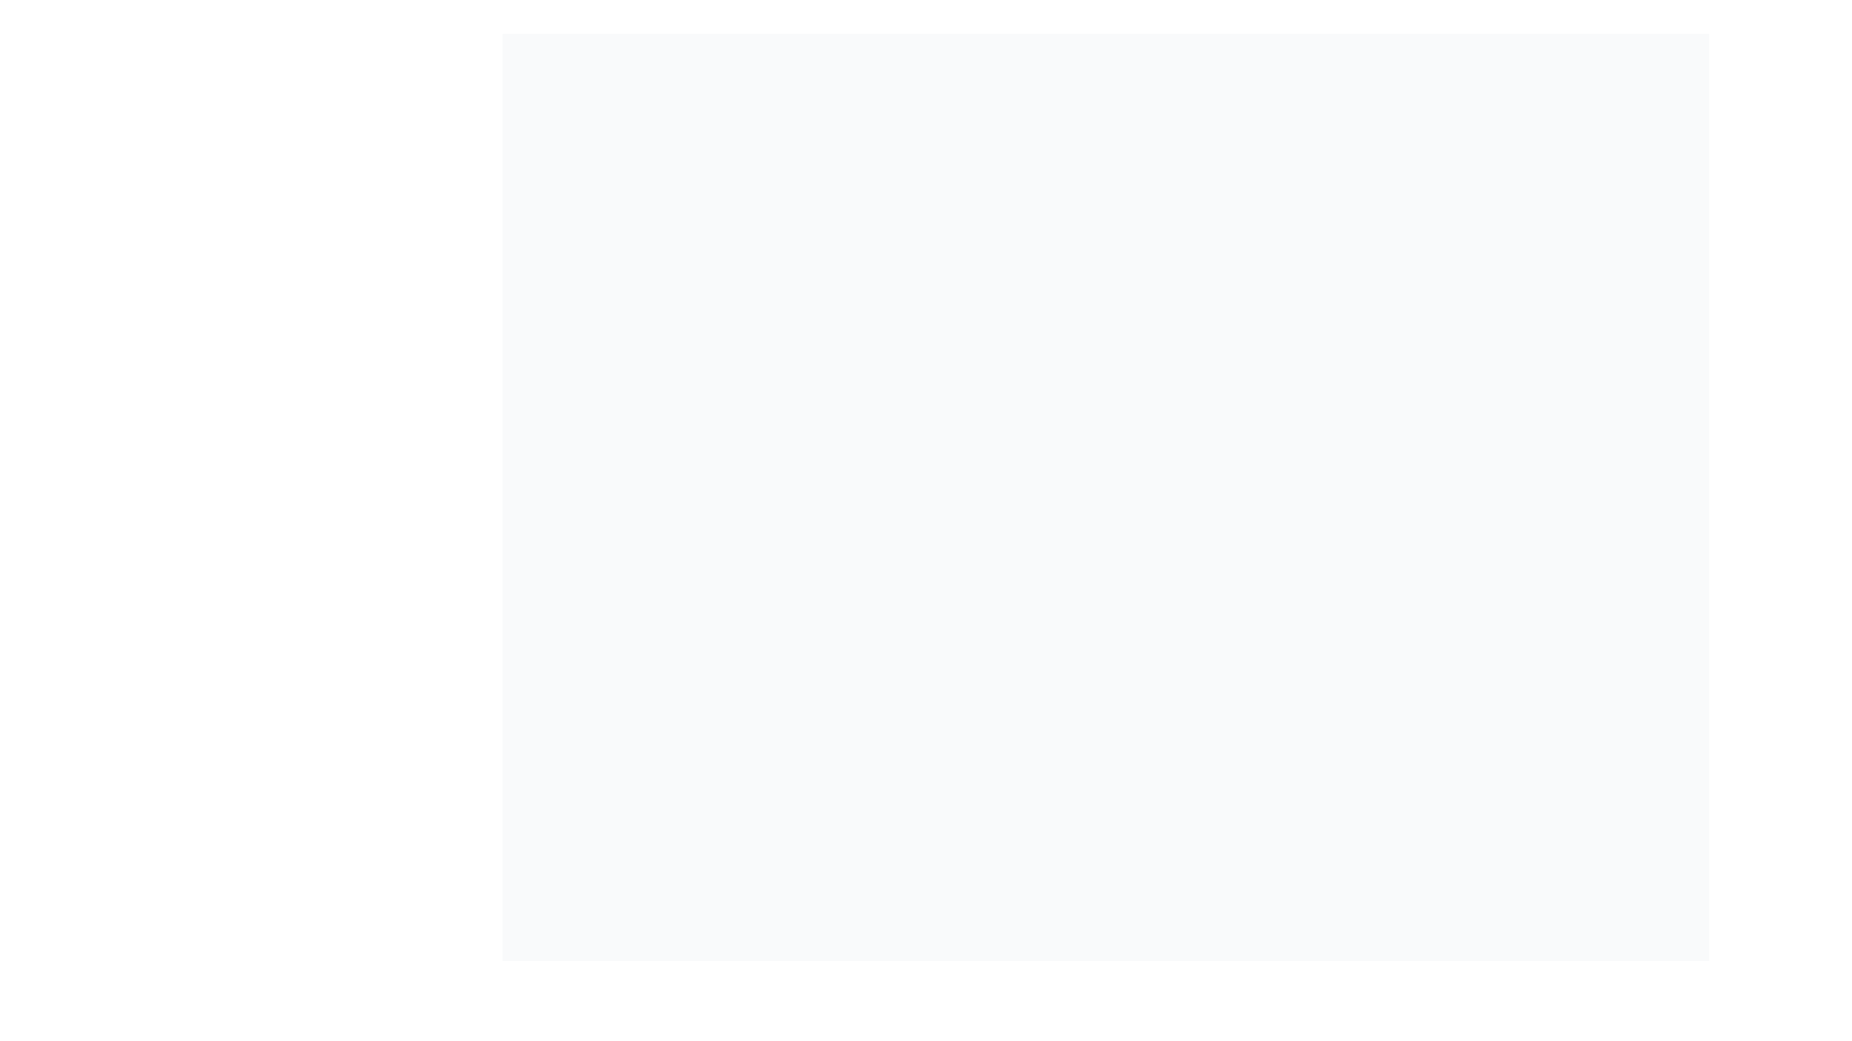 This screenshot has width=1852, height=1041. I want to click on the Search tab in the bottom navigation, so click(1098, 1011).